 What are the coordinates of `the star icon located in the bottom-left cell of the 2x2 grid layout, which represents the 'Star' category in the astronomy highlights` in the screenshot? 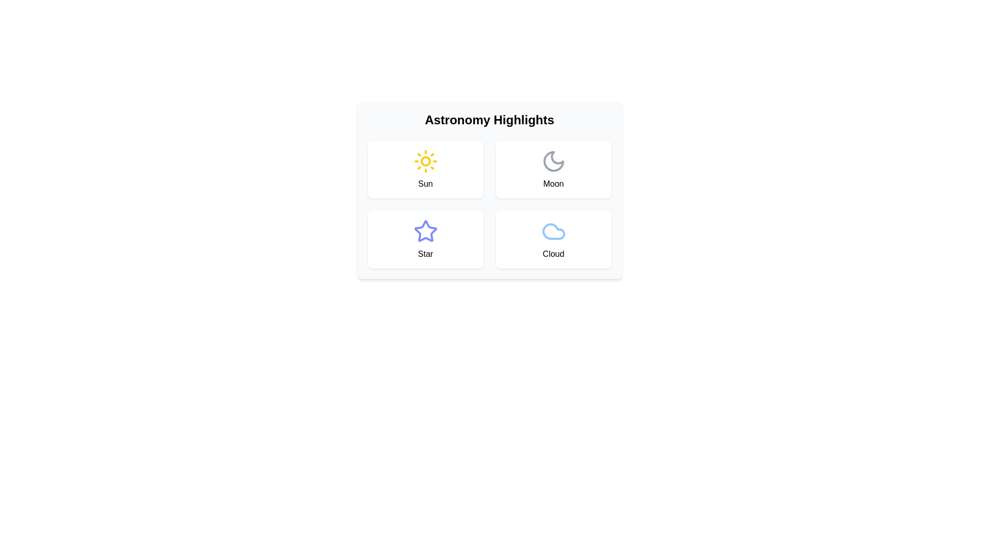 It's located at (425, 231).